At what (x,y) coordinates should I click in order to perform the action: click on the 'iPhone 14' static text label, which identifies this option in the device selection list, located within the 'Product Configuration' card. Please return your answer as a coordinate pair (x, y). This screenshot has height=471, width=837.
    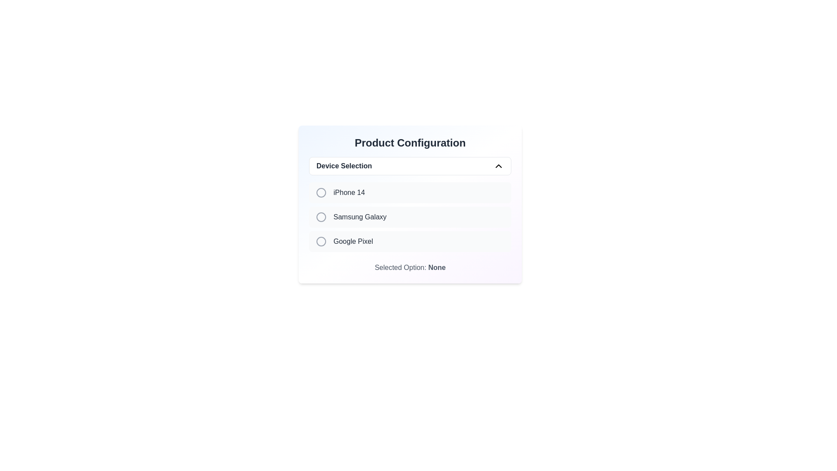
    Looking at the image, I should click on (349, 192).